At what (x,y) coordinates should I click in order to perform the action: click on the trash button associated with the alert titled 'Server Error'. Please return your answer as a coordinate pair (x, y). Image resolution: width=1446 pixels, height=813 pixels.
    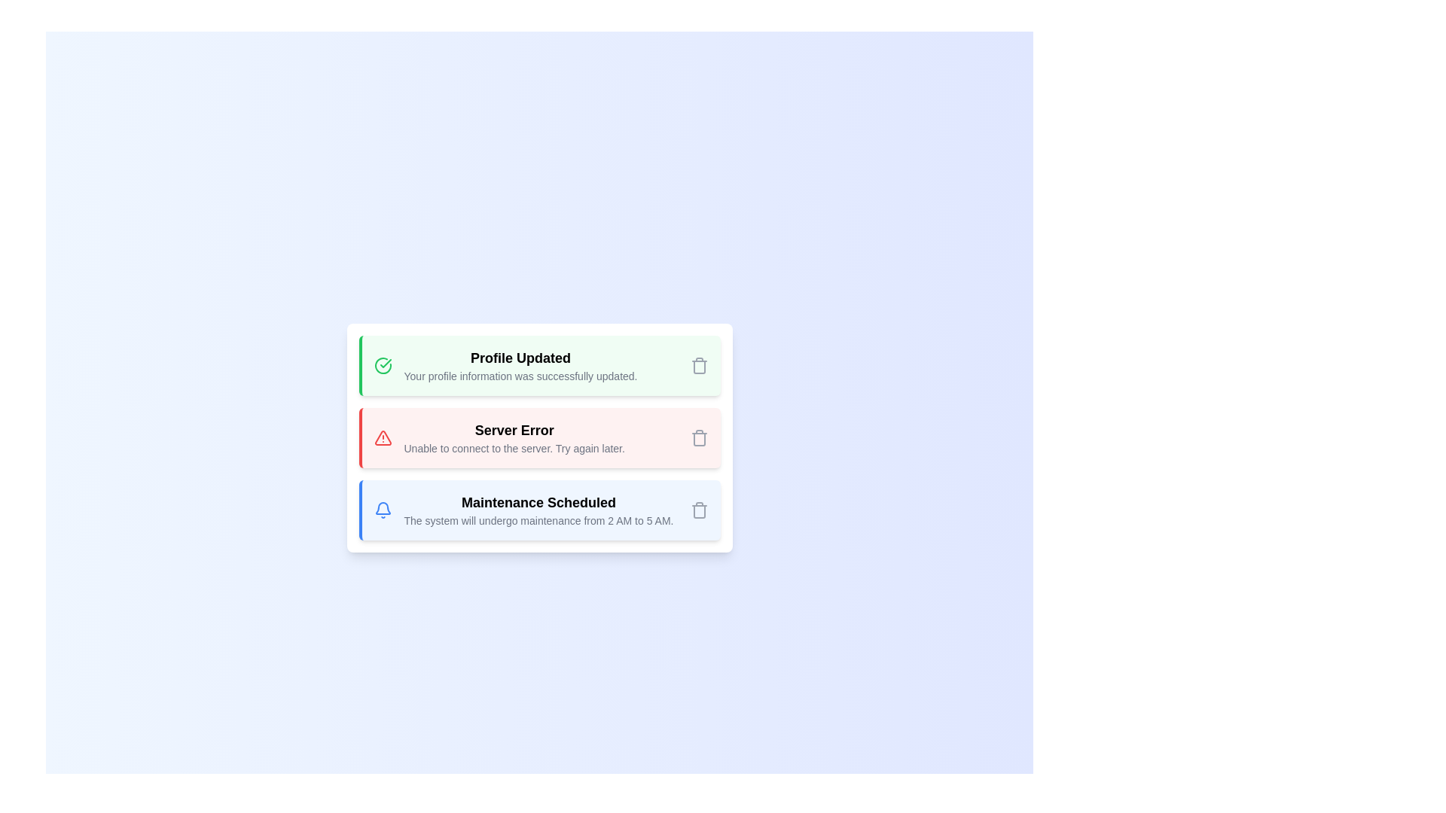
    Looking at the image, I should click on (698, 438).